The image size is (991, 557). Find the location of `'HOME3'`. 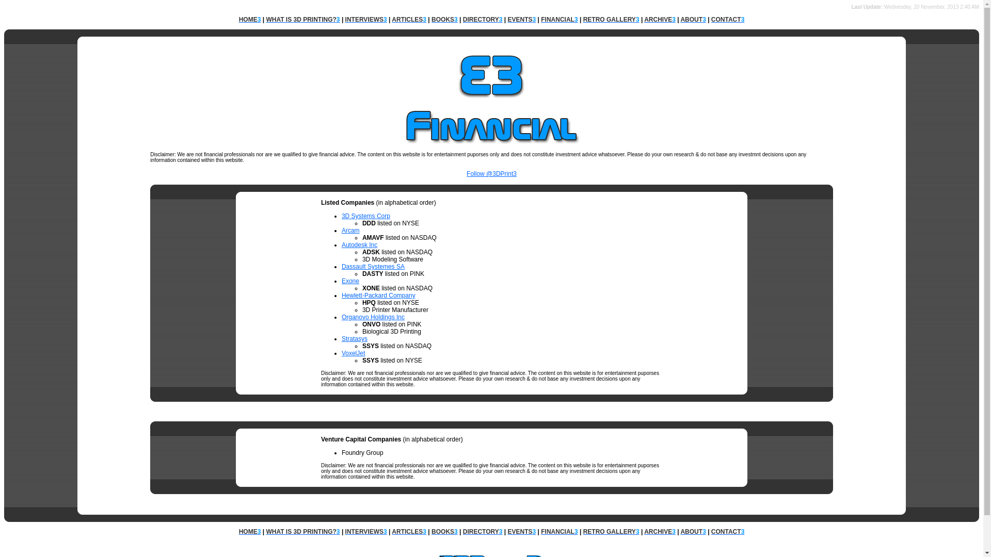

'HOME3' is located at coordinates (250, 20).